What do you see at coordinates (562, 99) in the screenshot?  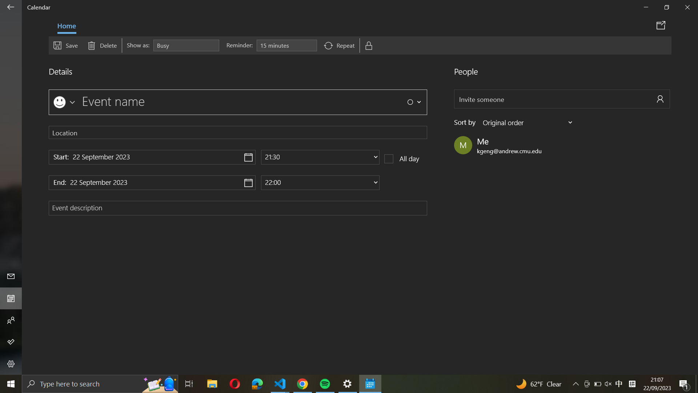 I see `Send an event invitation to "abc@example.com` at bounding box center [562, 99].